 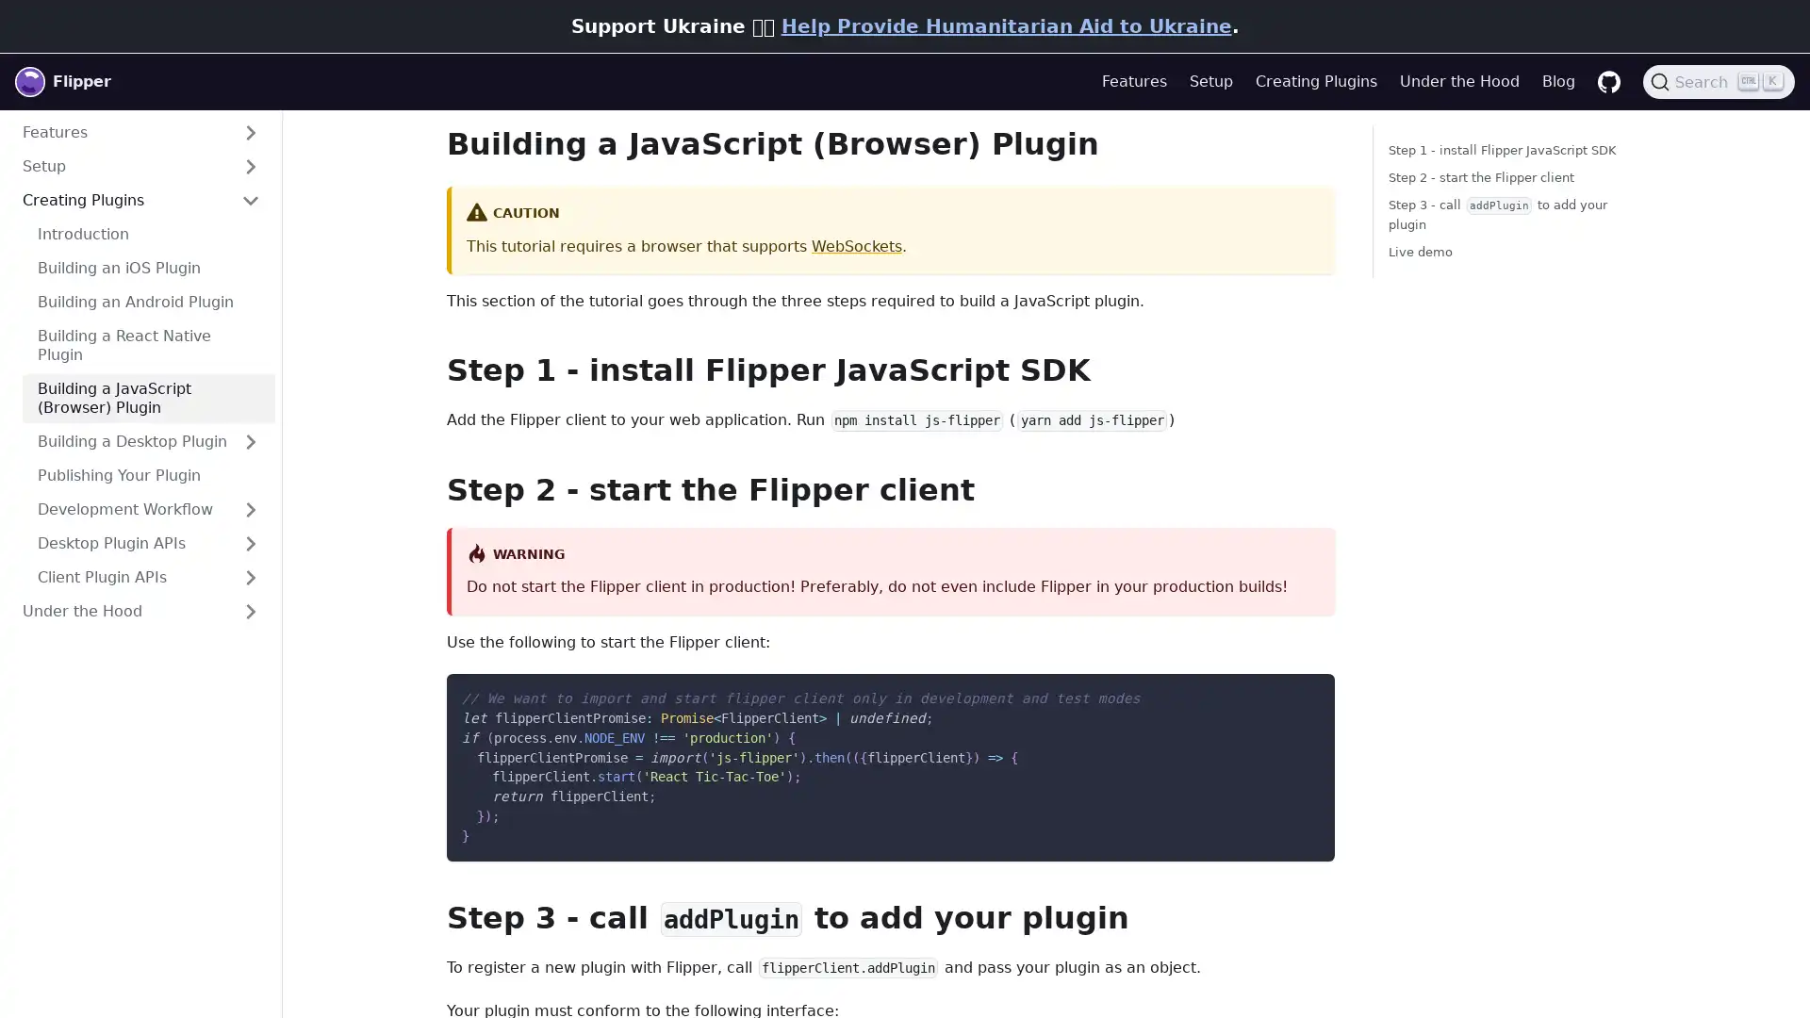 I want to click on Copy code to clipboard, so click(x=1303, y=694).